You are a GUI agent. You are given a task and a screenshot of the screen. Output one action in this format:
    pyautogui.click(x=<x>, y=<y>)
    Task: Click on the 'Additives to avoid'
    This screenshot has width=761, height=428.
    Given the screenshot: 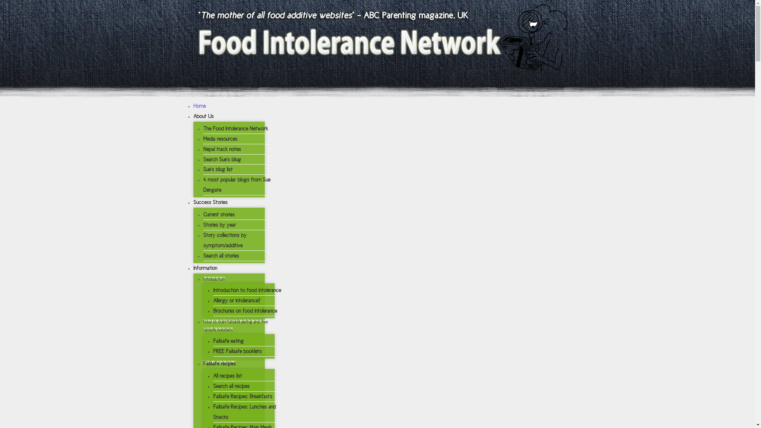 What is the action you would take?
    pyautogui.click(x=227, y=345)
    